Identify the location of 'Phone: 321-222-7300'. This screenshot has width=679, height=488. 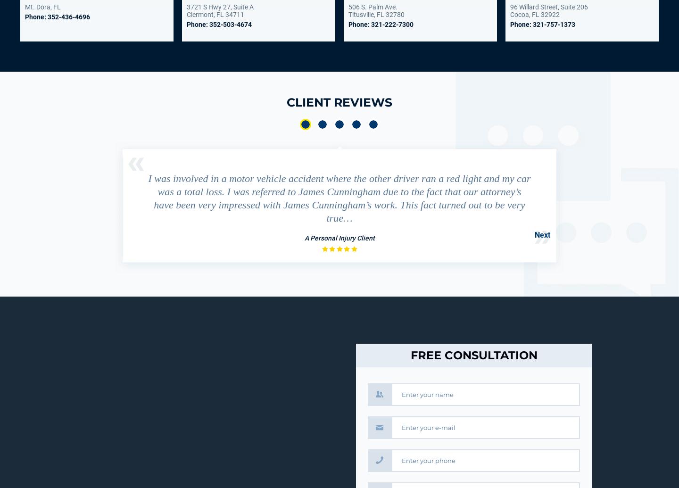
(381, 24).